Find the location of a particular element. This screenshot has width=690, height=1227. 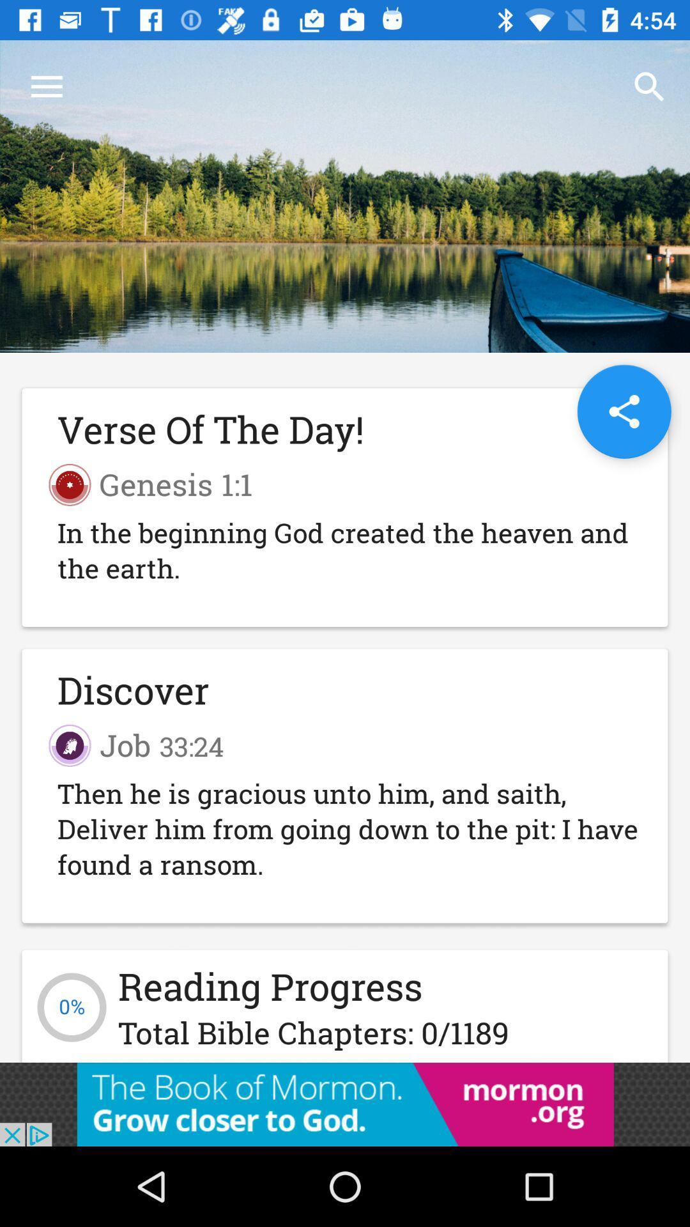

see advertisement is located at coordinates (345, 1104).